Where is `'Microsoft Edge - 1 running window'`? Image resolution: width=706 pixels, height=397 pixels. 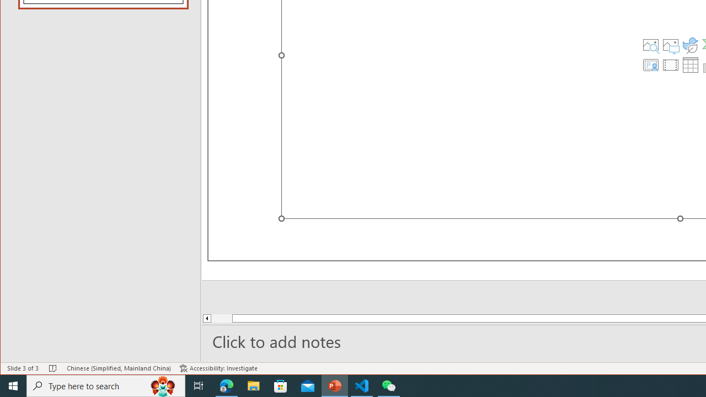 'Microsoft Edge - 1 running window' is located at coordinates (226, 385).